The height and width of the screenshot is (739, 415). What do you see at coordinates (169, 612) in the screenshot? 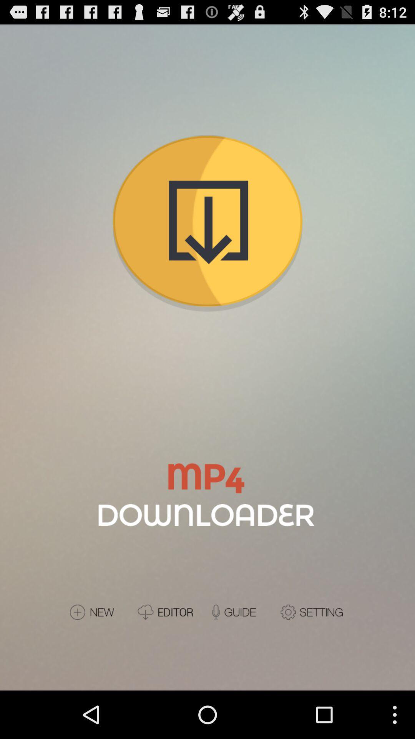
I see `editor` at bounding box center [169, 612].